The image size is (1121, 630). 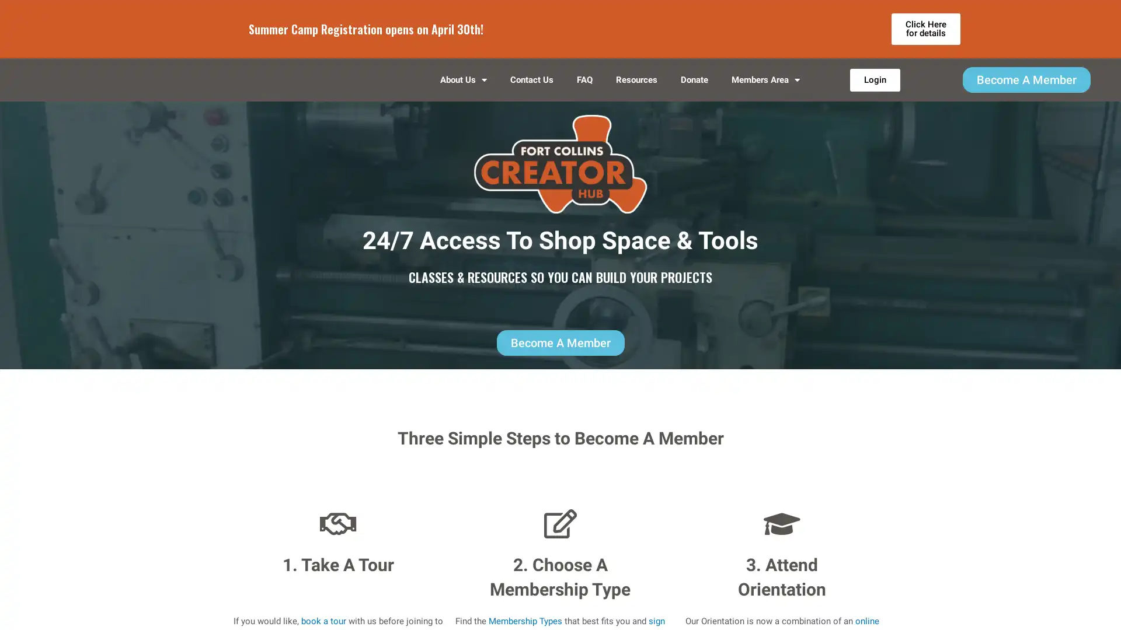 I want to click on Login, so click(x=874, y=87).